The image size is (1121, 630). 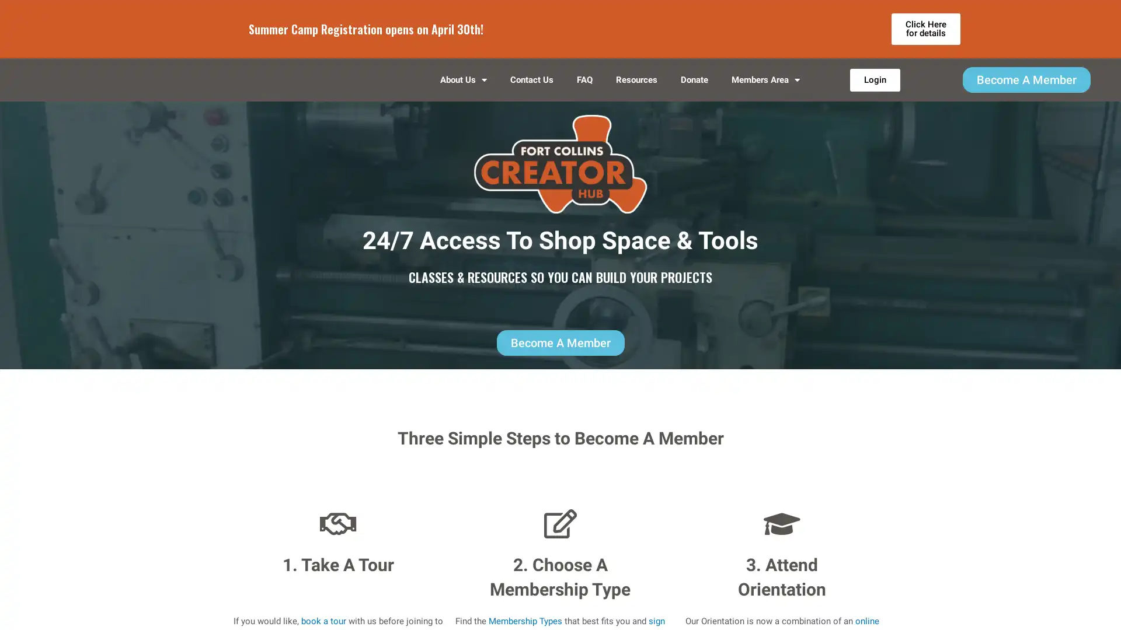 I want to click on Login, so click(x=874, y=87).